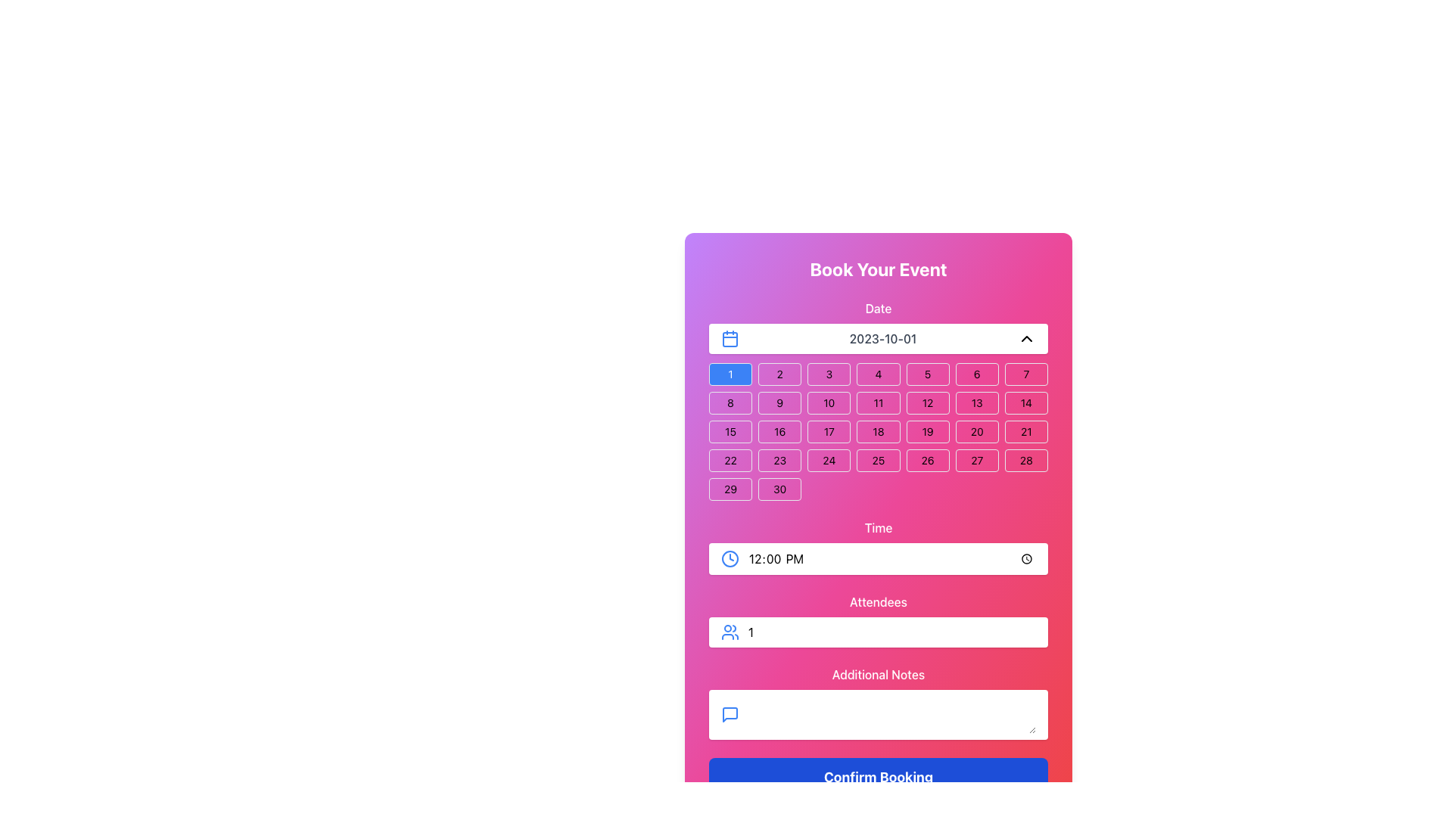  I want to click on the 28th day button in the calendar, so click(1026, 460).